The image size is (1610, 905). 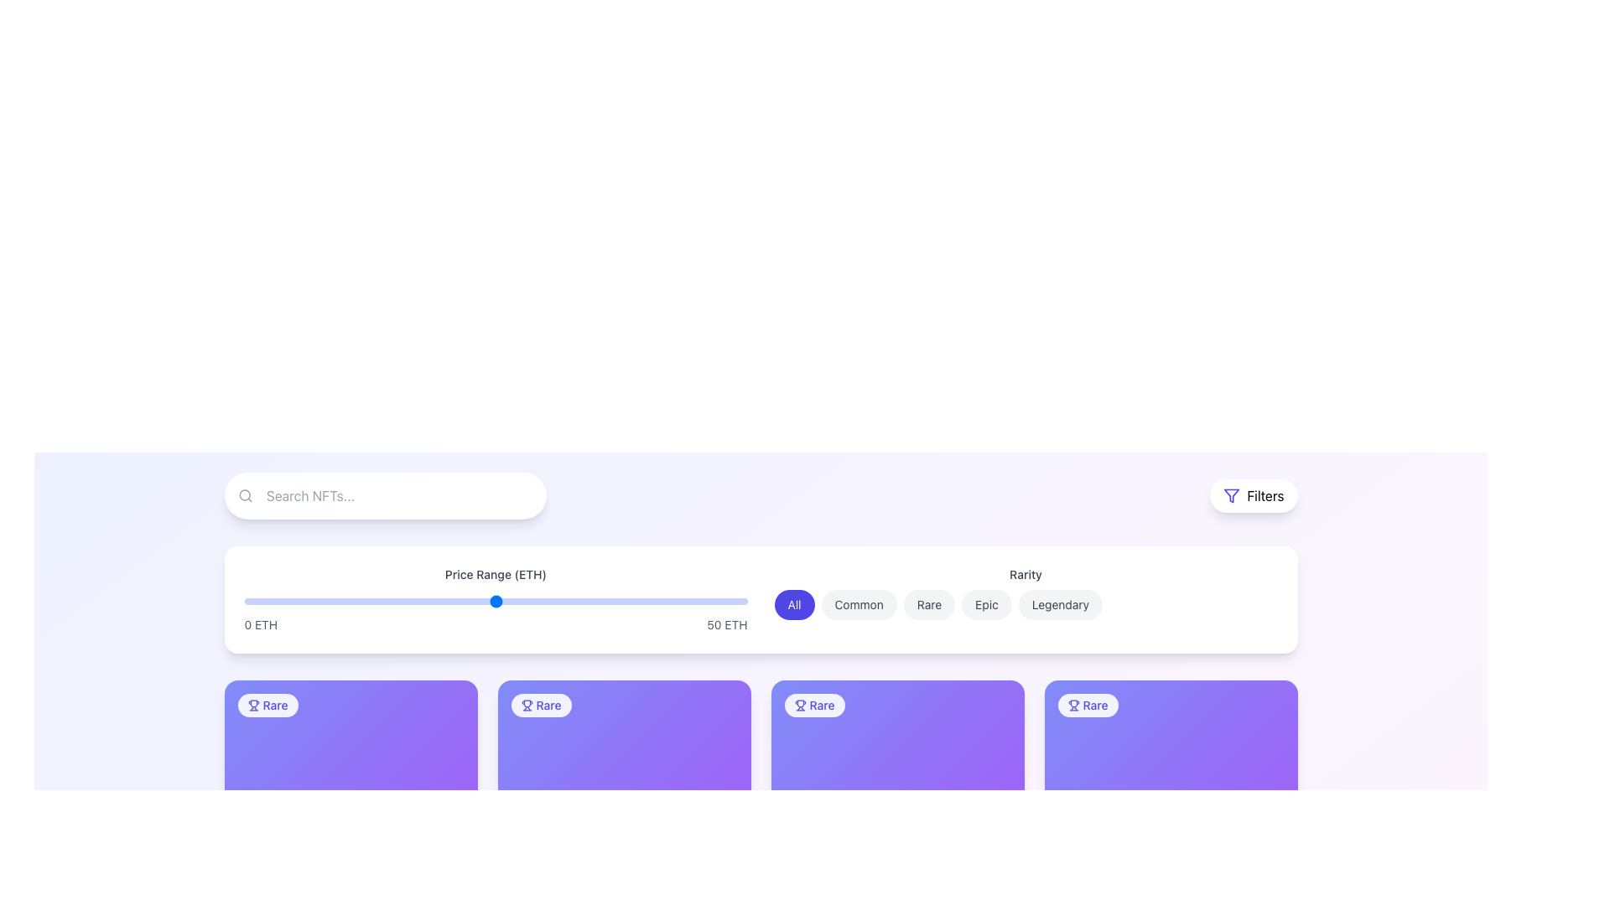 I want to click on the 'Legendary' button in the horizontal selection bar to filter items categorized as 'Legendary', so click(x=1059, y=604).